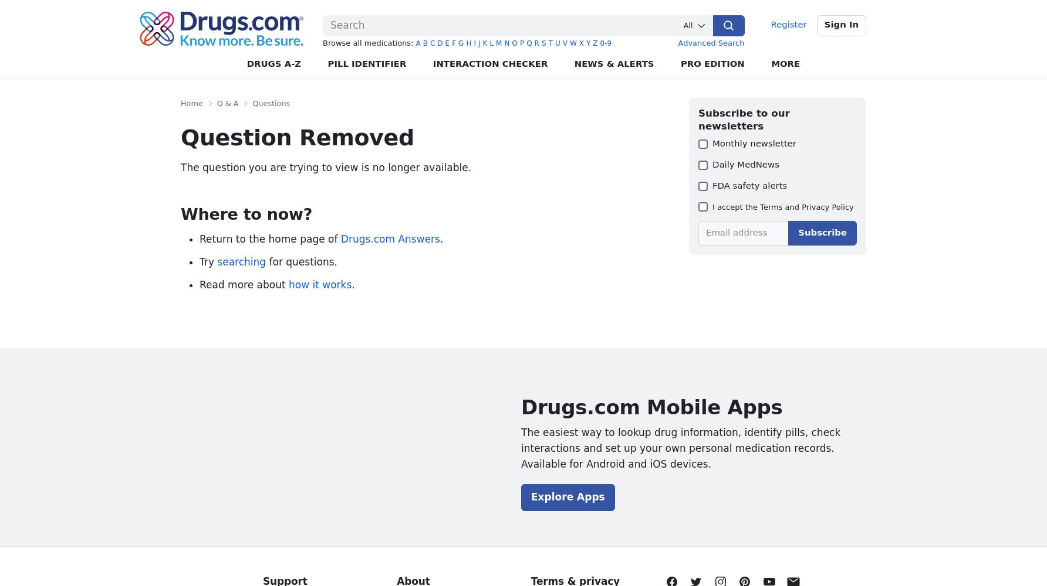  Describe the element at coordinates (199, 284) in the screenshot. I see `'Read more about'` at that location.